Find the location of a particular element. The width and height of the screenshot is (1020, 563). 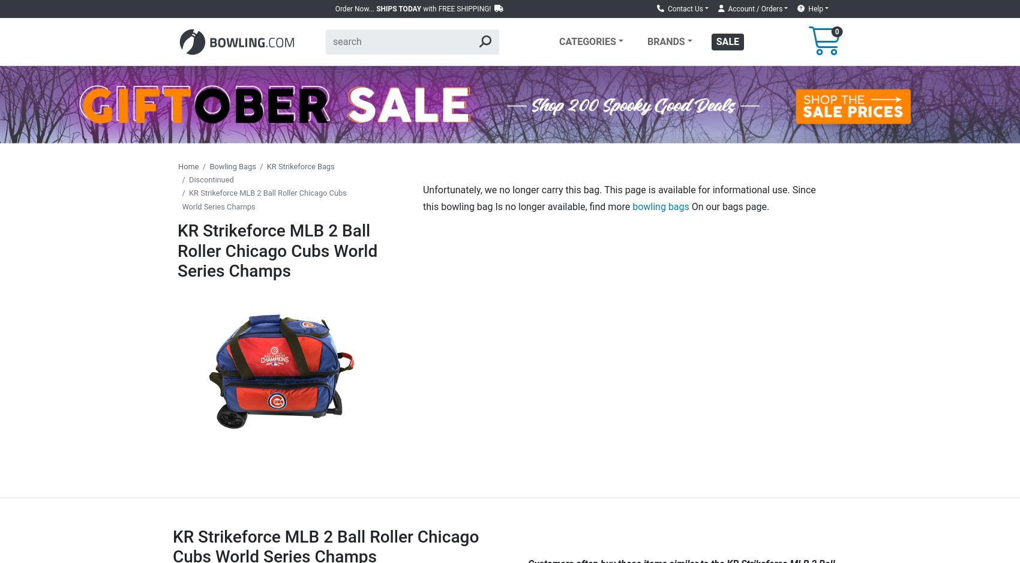

'CATEGORIES' is located at coordinates (559, 41).